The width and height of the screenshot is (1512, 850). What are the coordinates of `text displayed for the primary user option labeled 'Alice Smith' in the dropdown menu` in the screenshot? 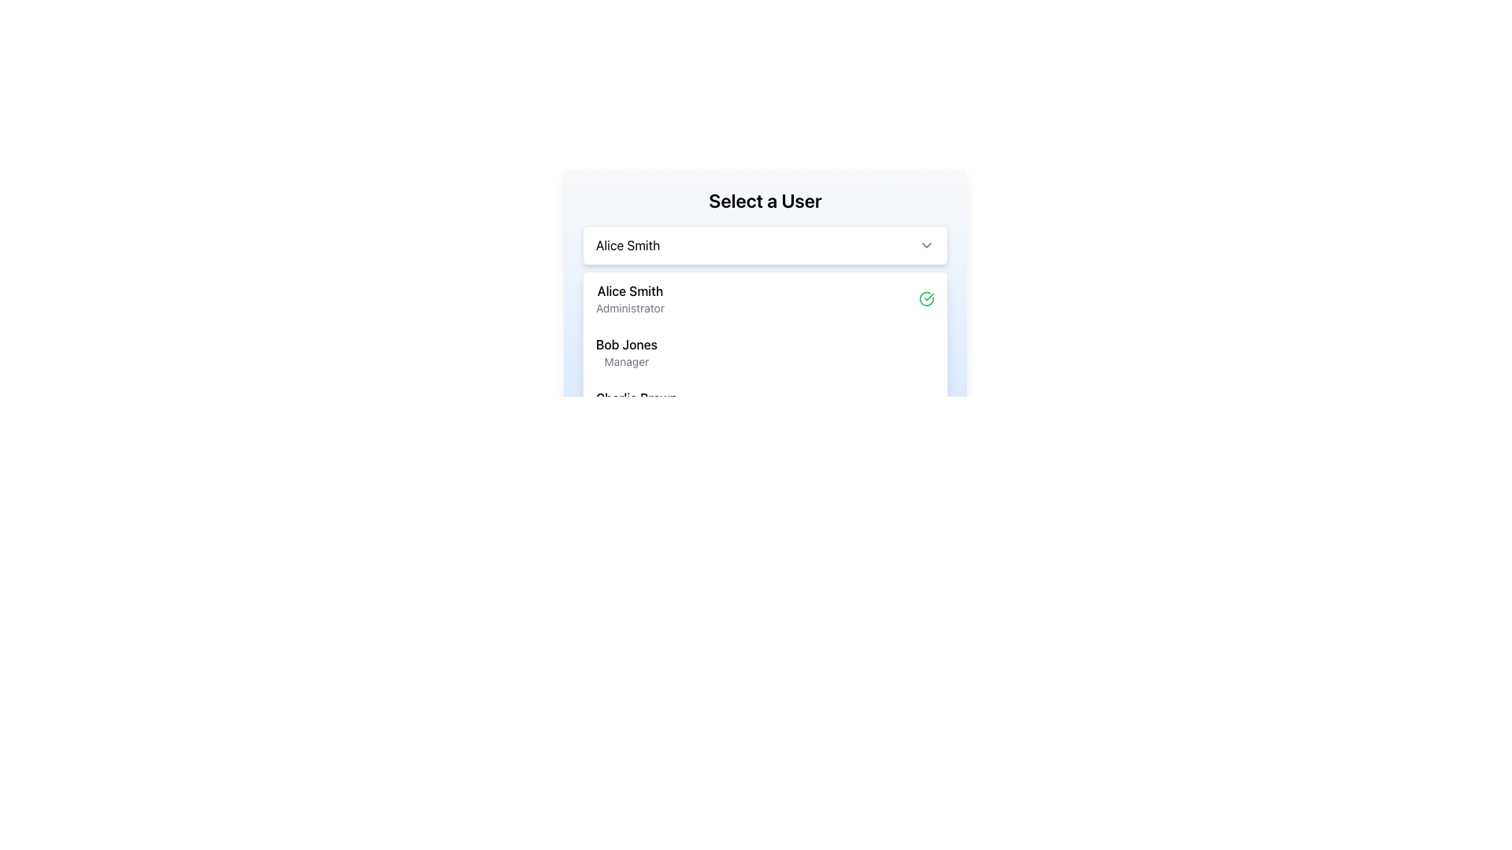 It's located at (630, 291).